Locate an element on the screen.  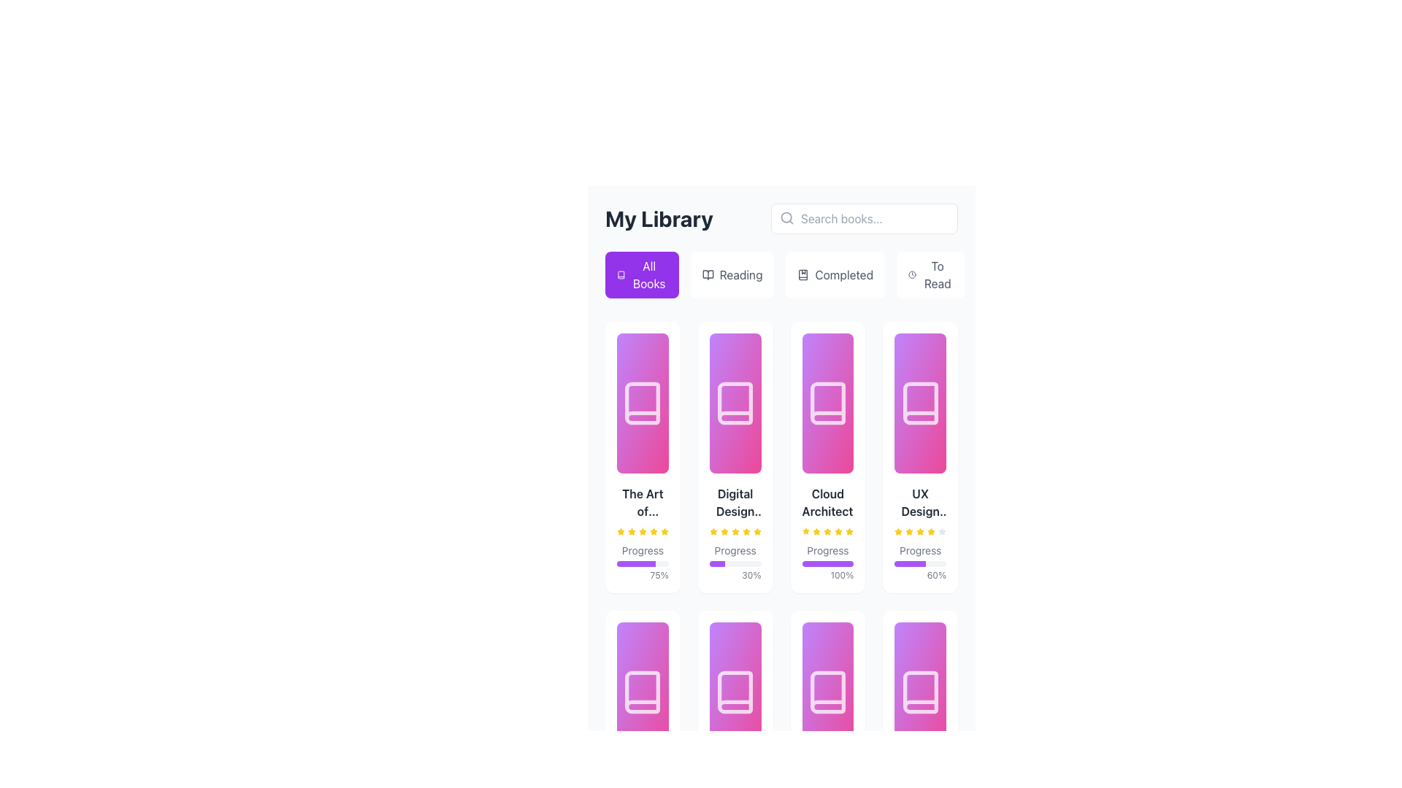
the first star icon in the rating indicator for the 'Cloud Architect' book, which is styled with a yellow fill and outline, located in the 'My Library' interface under the 'All Books' tab is located at coordinates (805, 532).